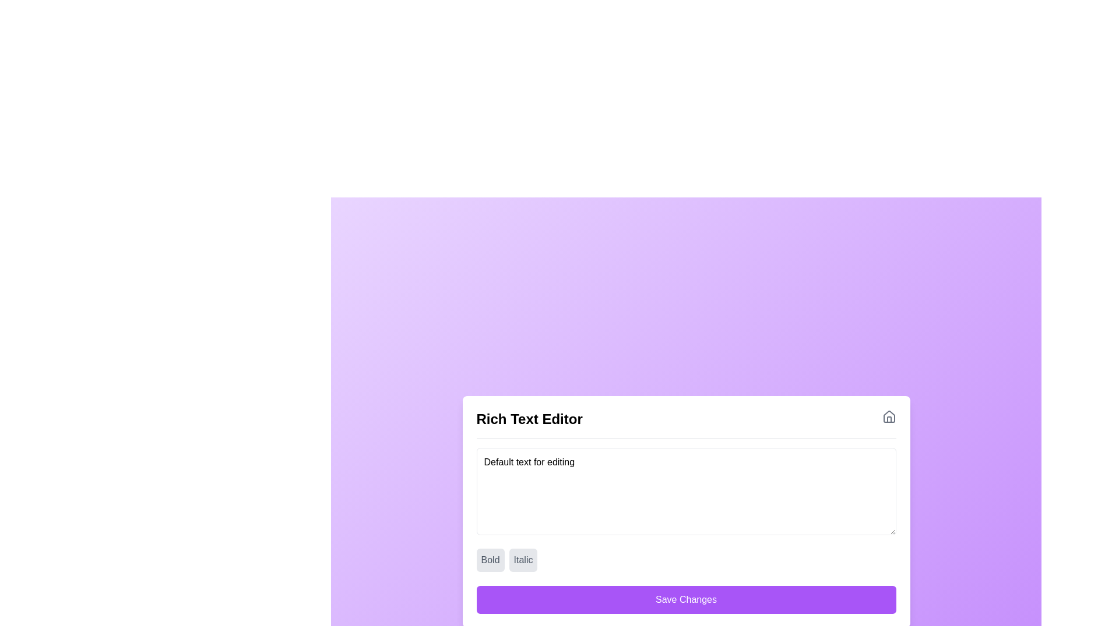 This screenshot has width=1119, height=629. I want to click on the purple 'Save Changes' button located beneath the 'Bold' and 'Italic' buttons in the Rich Text Editor section, so click(686, 599).